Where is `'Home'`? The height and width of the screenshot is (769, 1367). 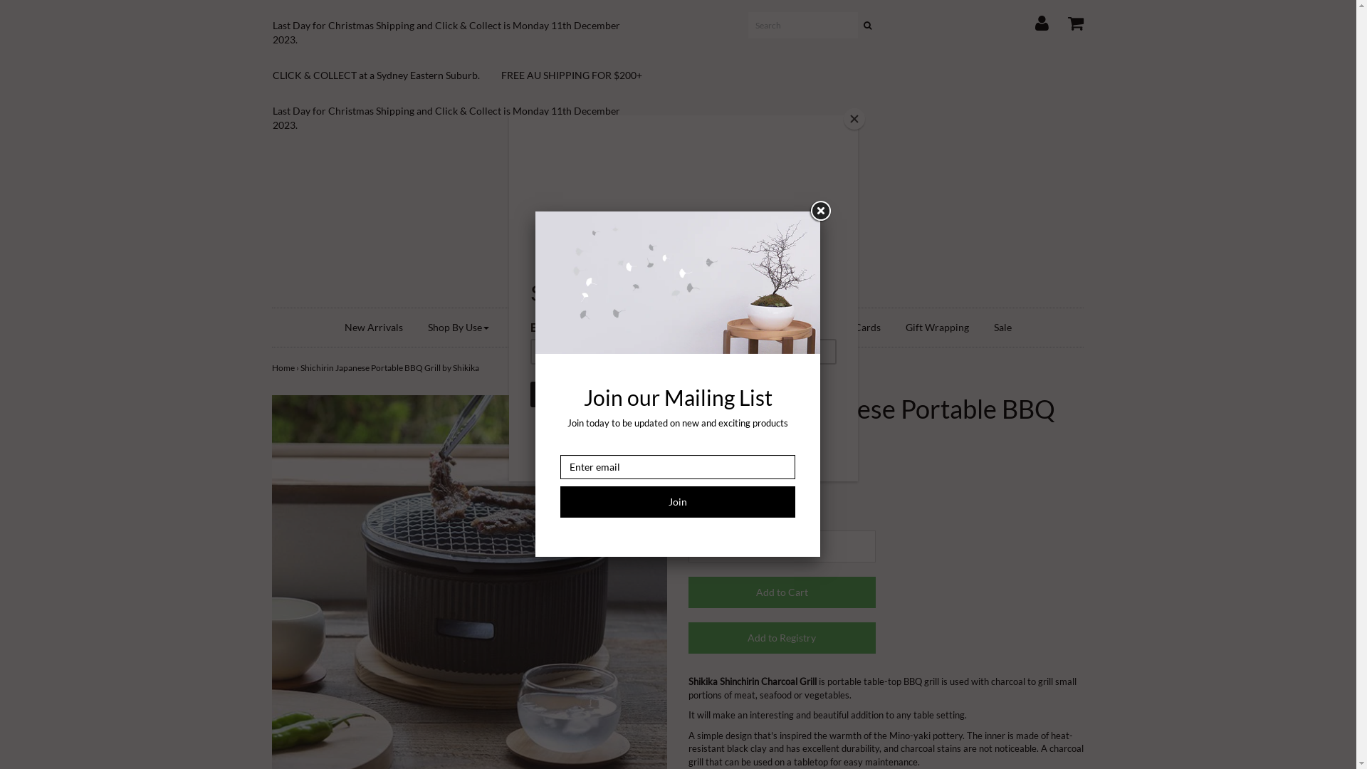
'Home' is located at coordinates (676, 225).